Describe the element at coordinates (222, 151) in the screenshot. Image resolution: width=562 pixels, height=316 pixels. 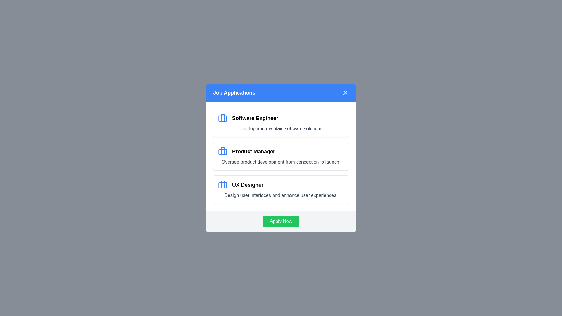
I see `the icon representing the job role 'Product Manager' located in the second job role section of the job application listing interface` at that location.